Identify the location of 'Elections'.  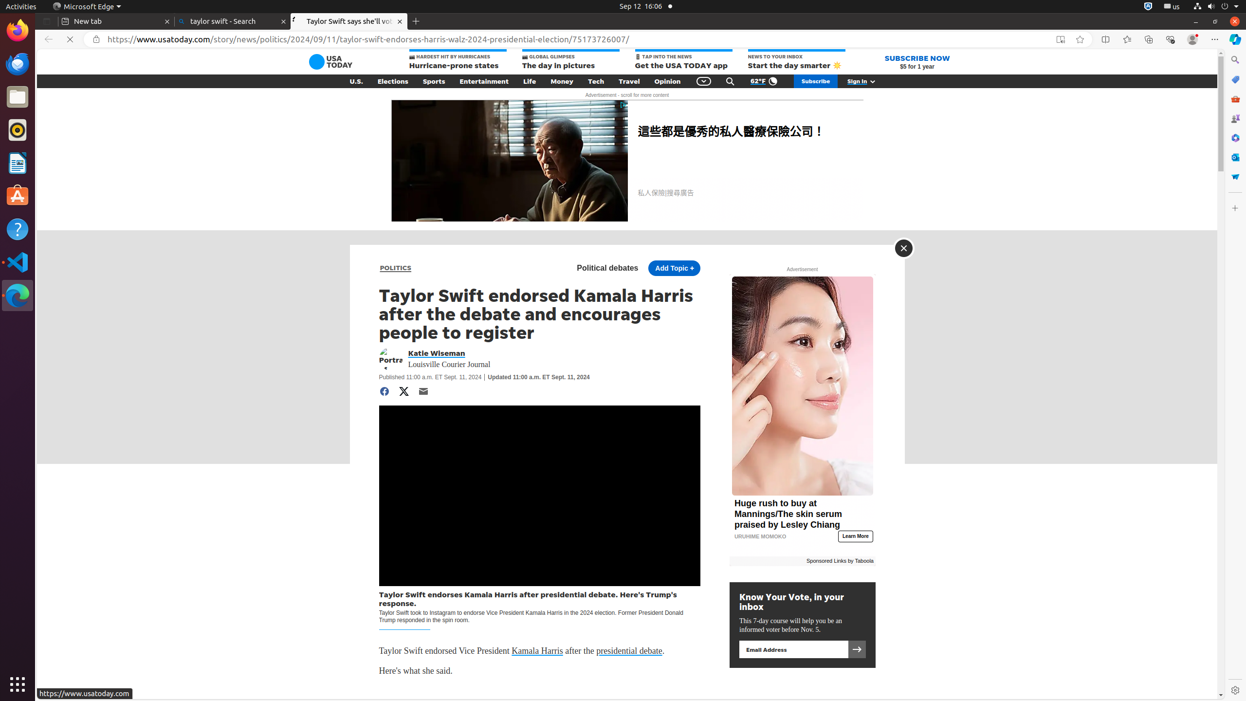
(392, 81).